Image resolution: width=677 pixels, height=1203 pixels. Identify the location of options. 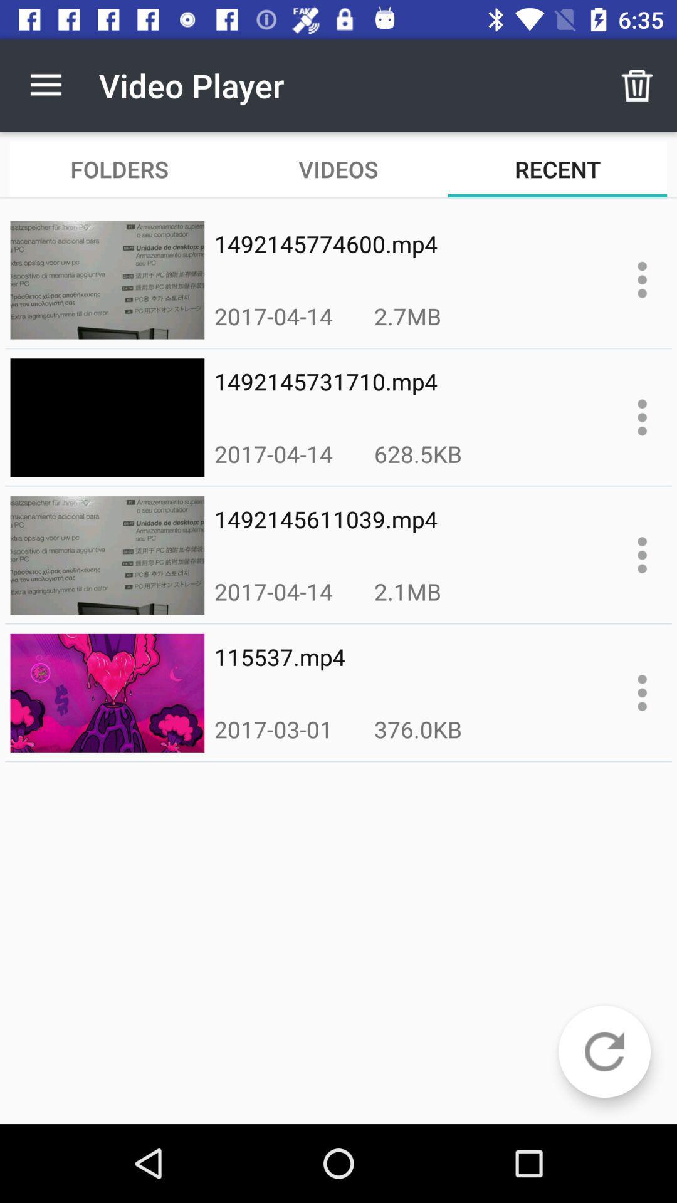
(642, 279).